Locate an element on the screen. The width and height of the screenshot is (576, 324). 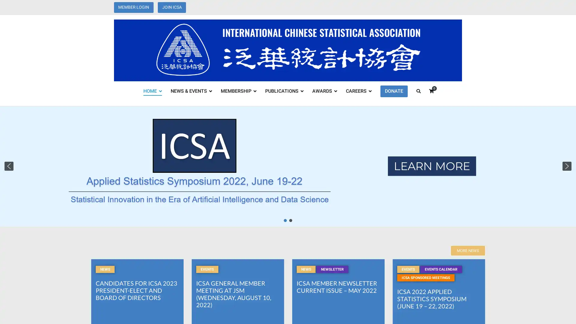
next arrow is located at coordinates (567, 166).